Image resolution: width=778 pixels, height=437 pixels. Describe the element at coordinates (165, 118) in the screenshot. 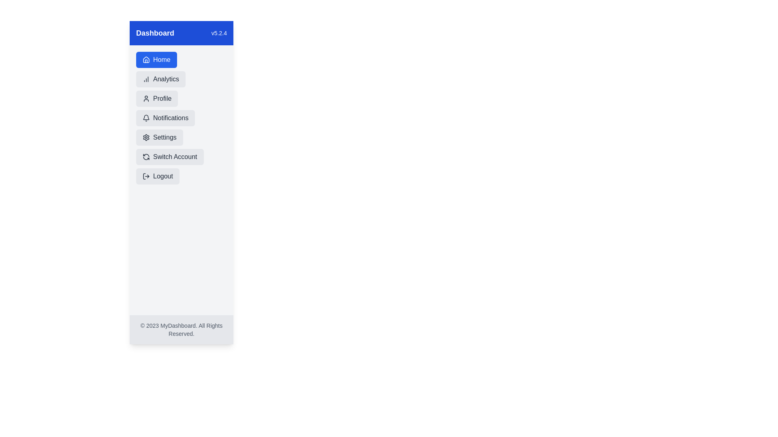

I see `the 'Notifications' button, which features a bell icon on the left and a light gray background that turns blue on hover, located fourth in the vertical menu under 'Home', 'Analytics', and 'Profile'` at that location.